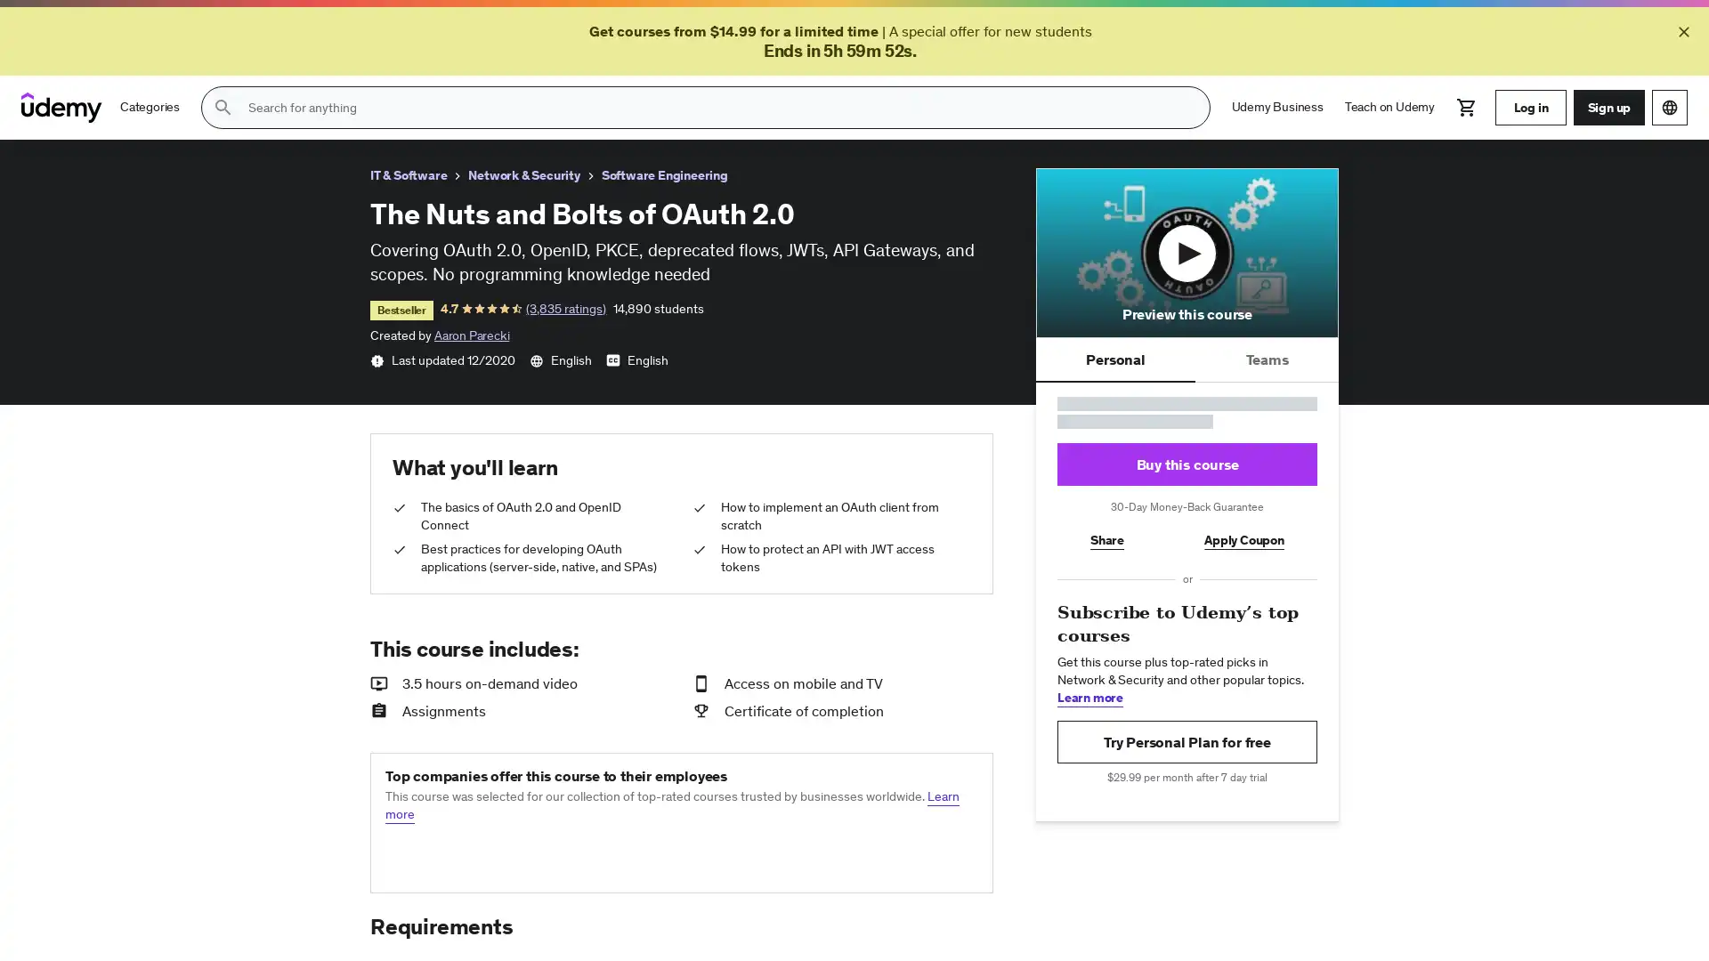 Image resolution: width=1709 pixels, height=961 pixels. I want to click on Submit search, so click(222, 107).